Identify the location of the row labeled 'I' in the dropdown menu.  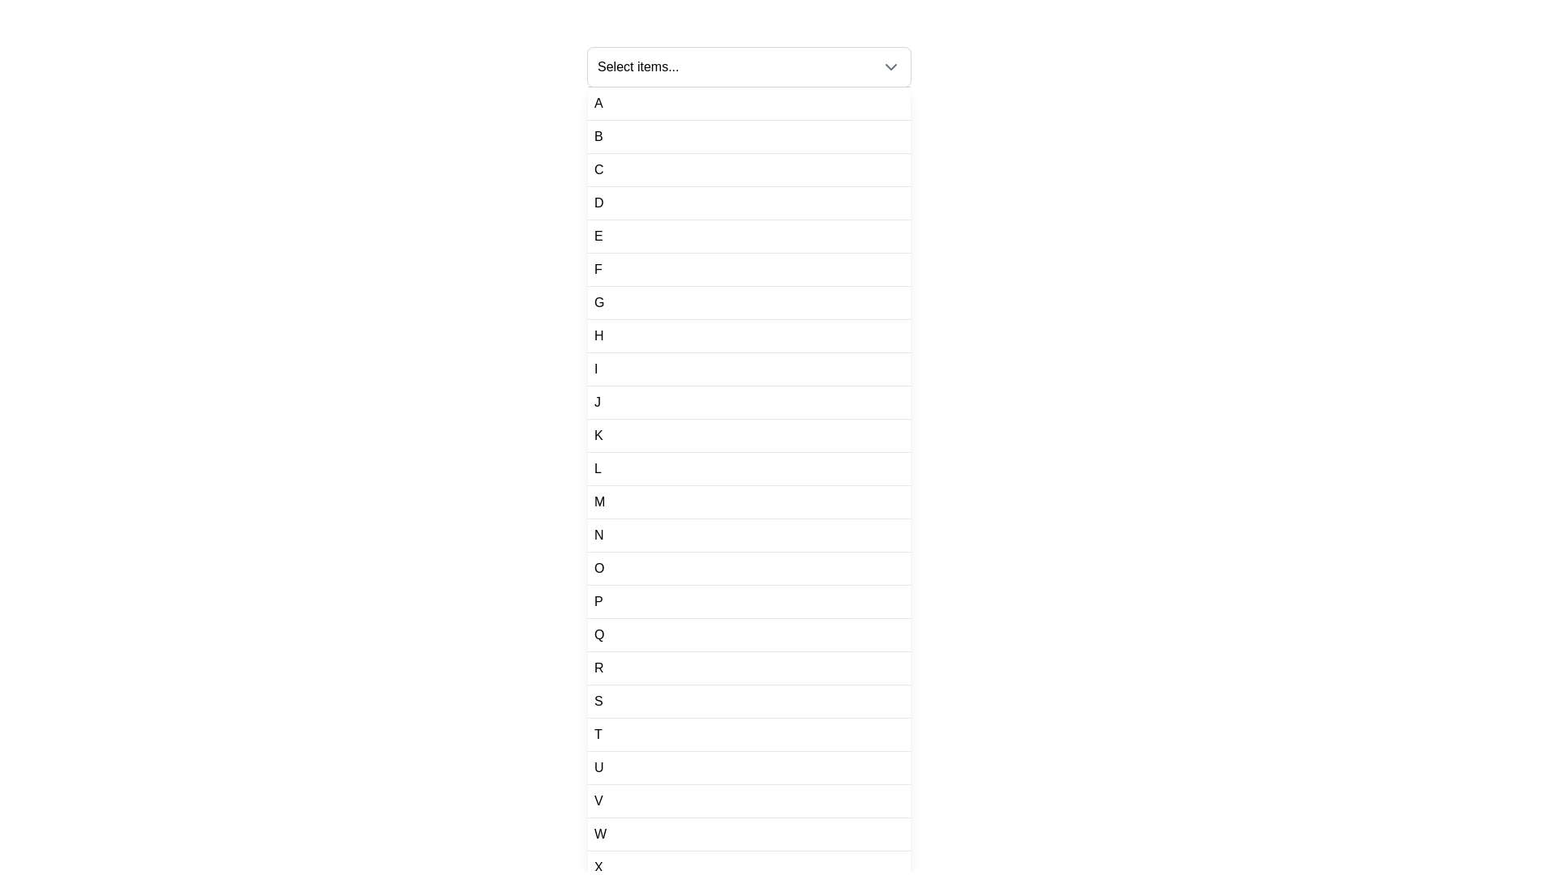
(748, 369).